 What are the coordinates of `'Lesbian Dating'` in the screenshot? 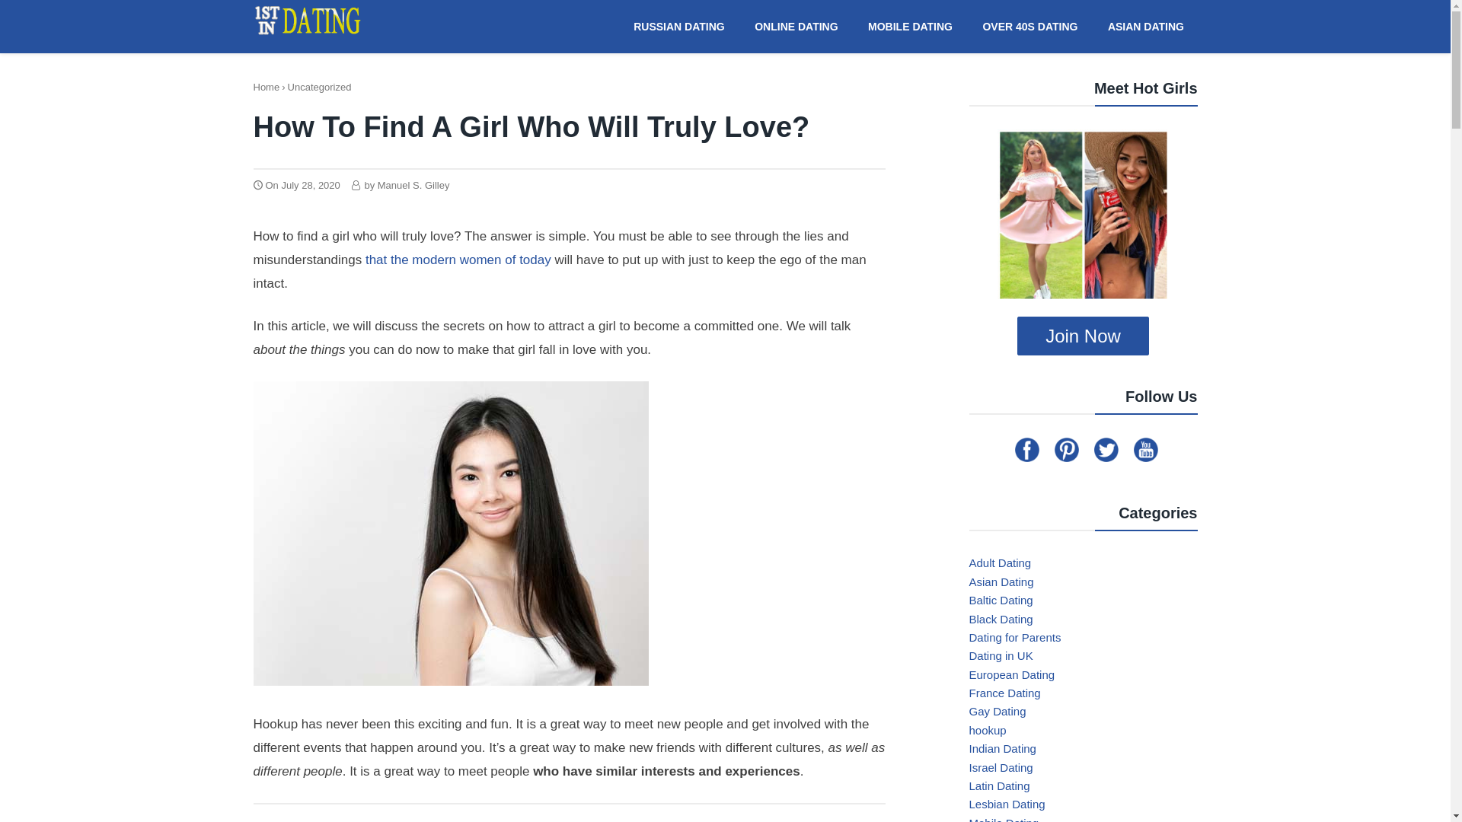 It's located at (1006, 803).